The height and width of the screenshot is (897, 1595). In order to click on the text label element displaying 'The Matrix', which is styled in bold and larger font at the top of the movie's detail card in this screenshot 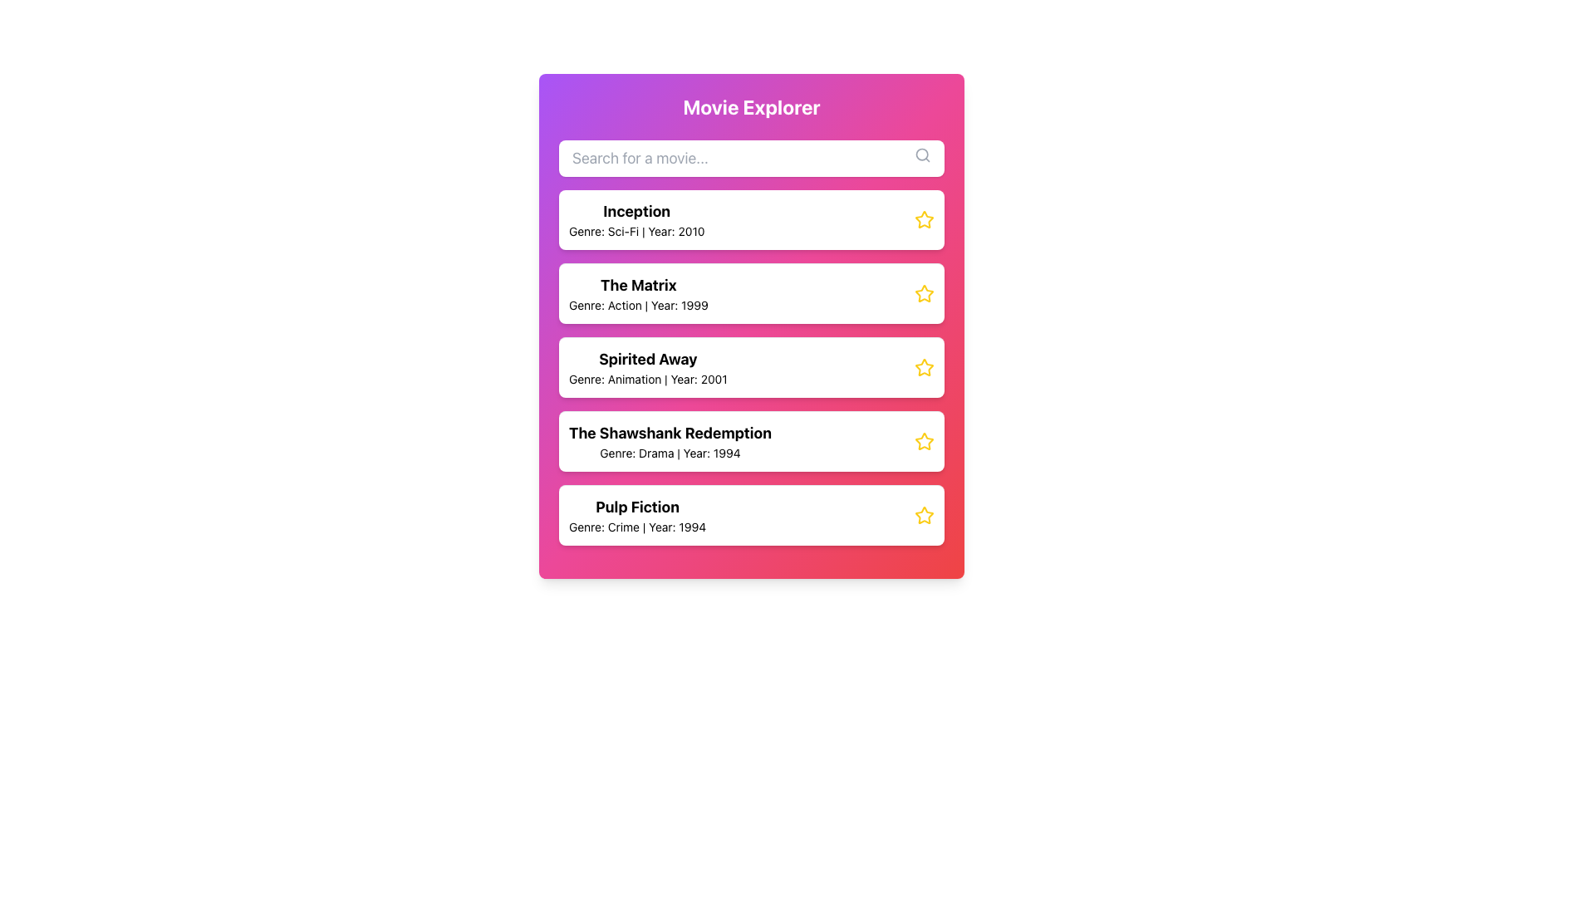, I will do `click(637, 284)`.